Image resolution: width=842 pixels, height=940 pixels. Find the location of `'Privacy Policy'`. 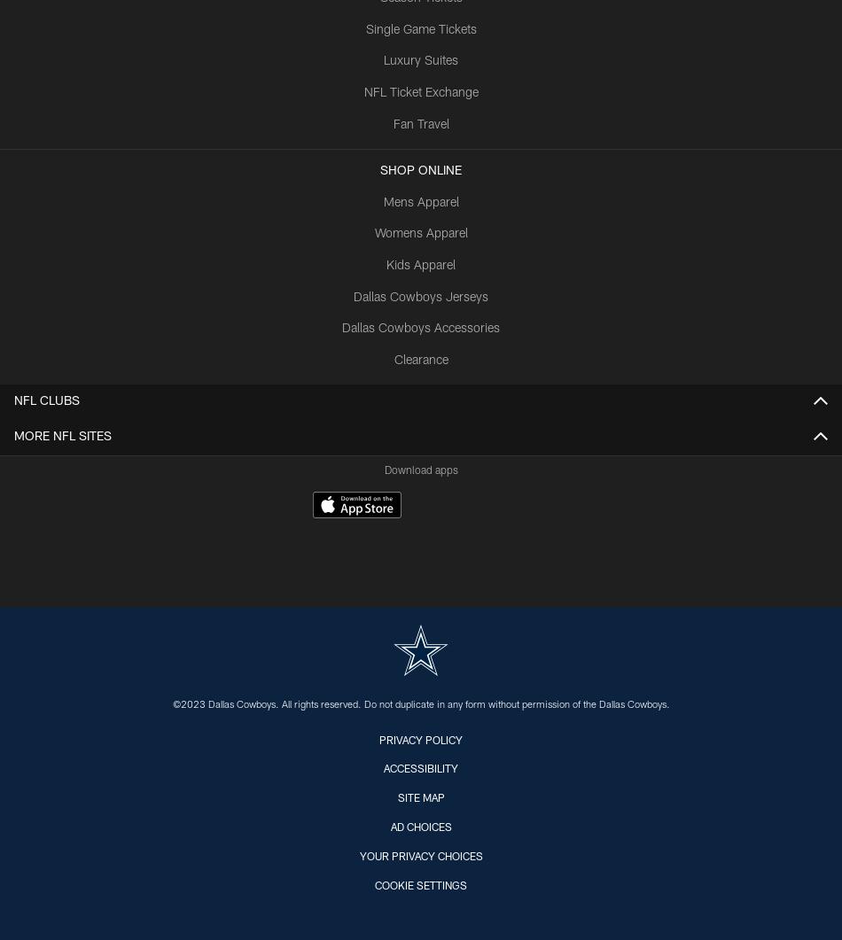

'Privacy Policy' is located at coordinates (421, 740).